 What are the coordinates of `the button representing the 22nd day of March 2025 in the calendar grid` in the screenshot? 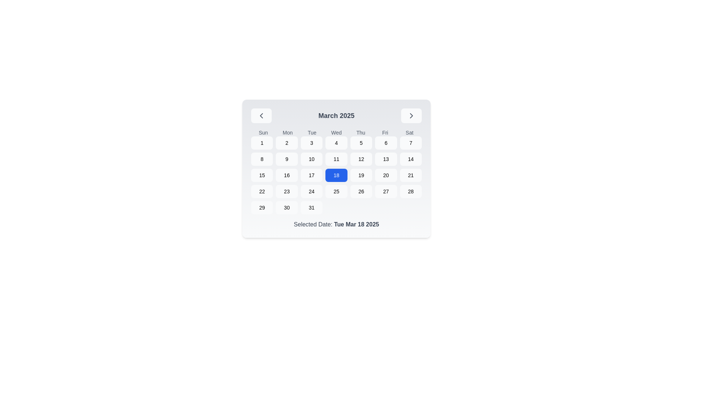 It's located at (262, 191).